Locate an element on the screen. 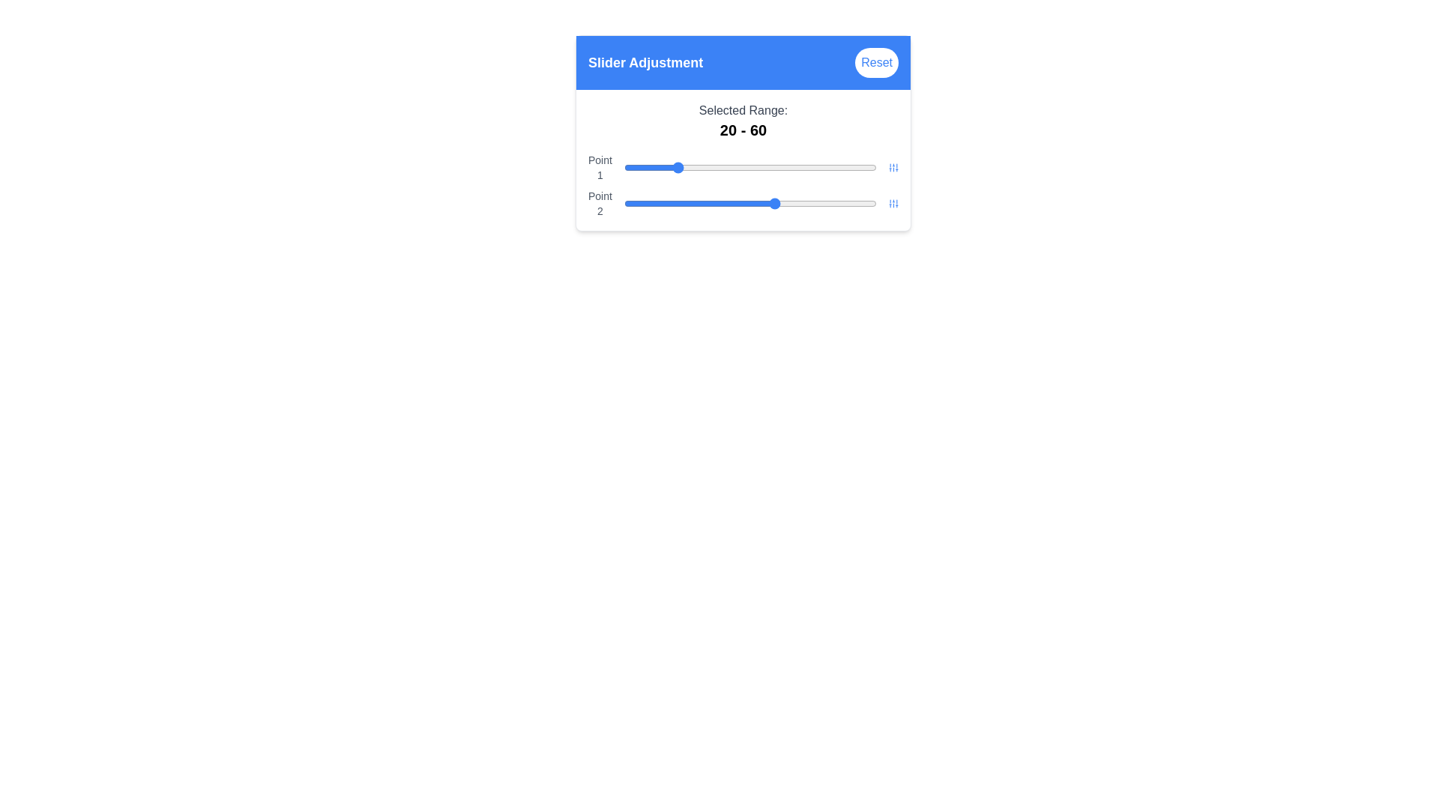  the range slider located below the 'Point 1' label is located at coordinates (750, 167).